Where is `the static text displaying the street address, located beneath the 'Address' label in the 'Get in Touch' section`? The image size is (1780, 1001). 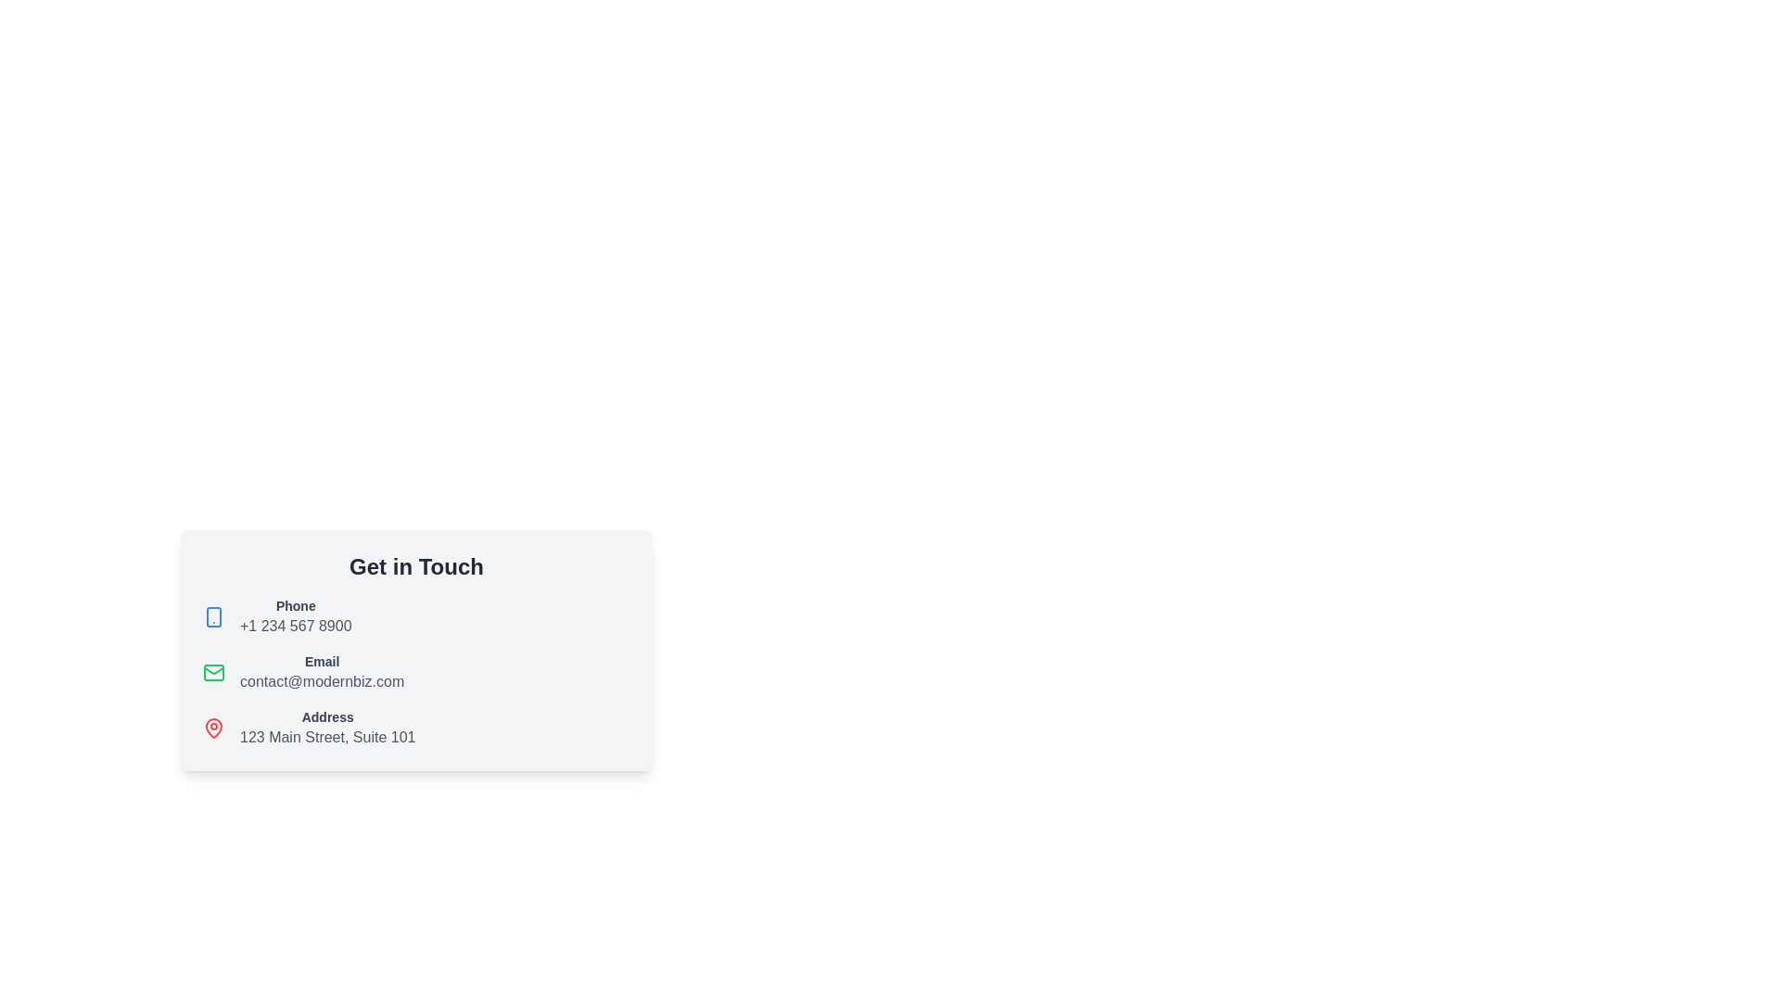
the static text displaying the street address, located beneath the 'Address' label in the 'Get in Touch' section is located at coordinates (327, 736).